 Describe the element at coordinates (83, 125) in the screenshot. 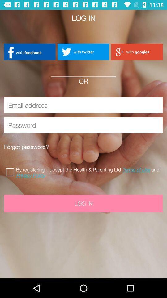

I see `password field` at that location.